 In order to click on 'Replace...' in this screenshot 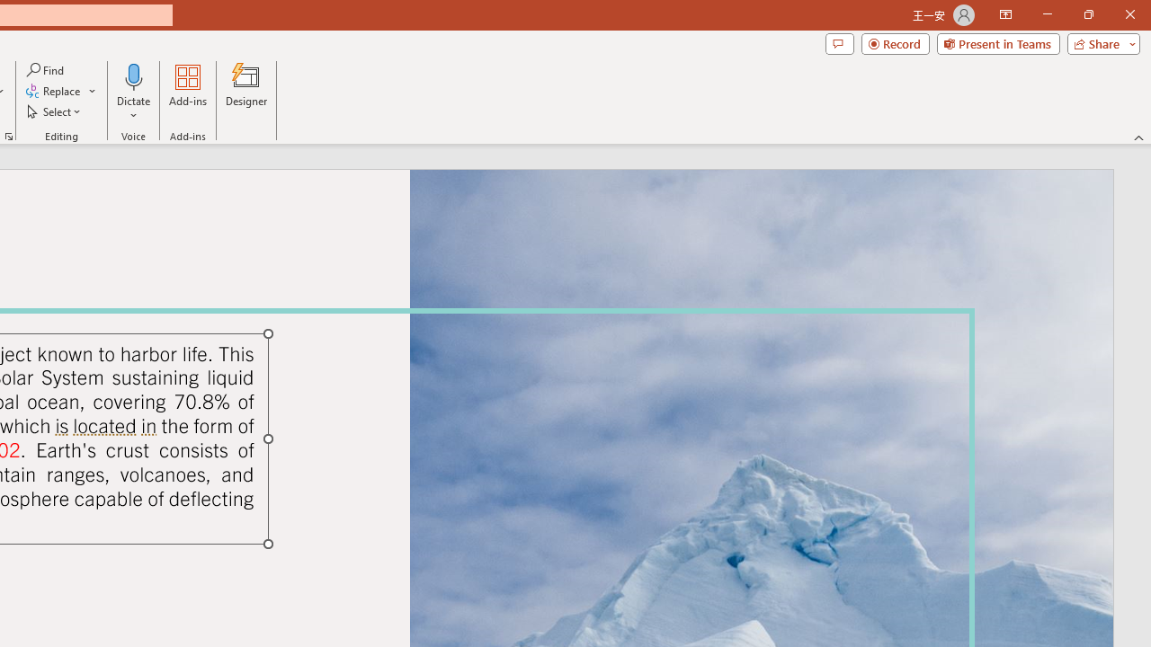, I will do `click(54, 91)`.